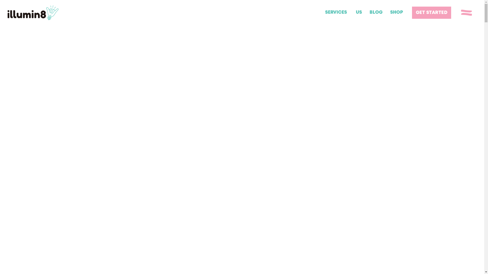 Image resolution: width=488 pixels, height=274 pixels. What do you see at coordinates (365, 12) in the screenshot?
I see `'BLOG'` at bounding box center [365, 12].